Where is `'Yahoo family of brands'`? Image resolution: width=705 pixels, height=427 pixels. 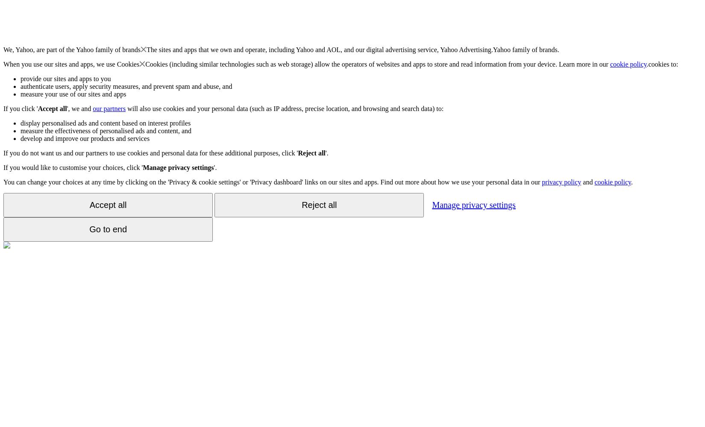 'Yahoo family of brands' is located at coordinates (108, 49).